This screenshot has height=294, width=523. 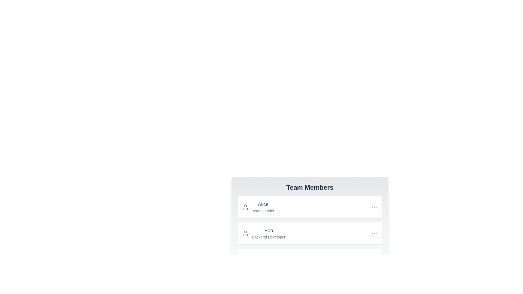 I want to click on the user icon corresponding to Bob, so click(x=245, y=233).